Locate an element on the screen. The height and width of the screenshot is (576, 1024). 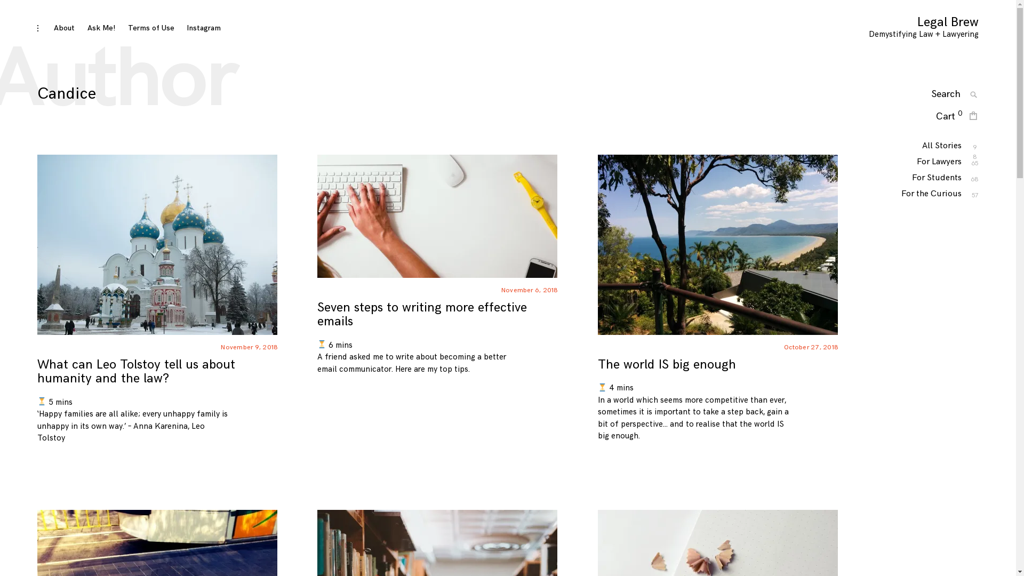
'Cart 0' is located at coordinates (949, 117).